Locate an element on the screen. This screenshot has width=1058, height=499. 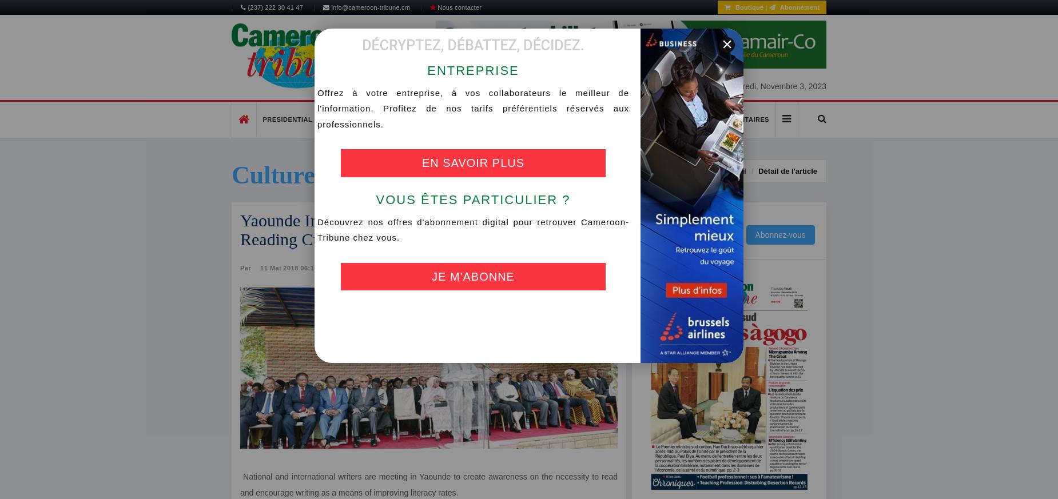
'Abonnez-vous' is located at coordinates (779, 233).